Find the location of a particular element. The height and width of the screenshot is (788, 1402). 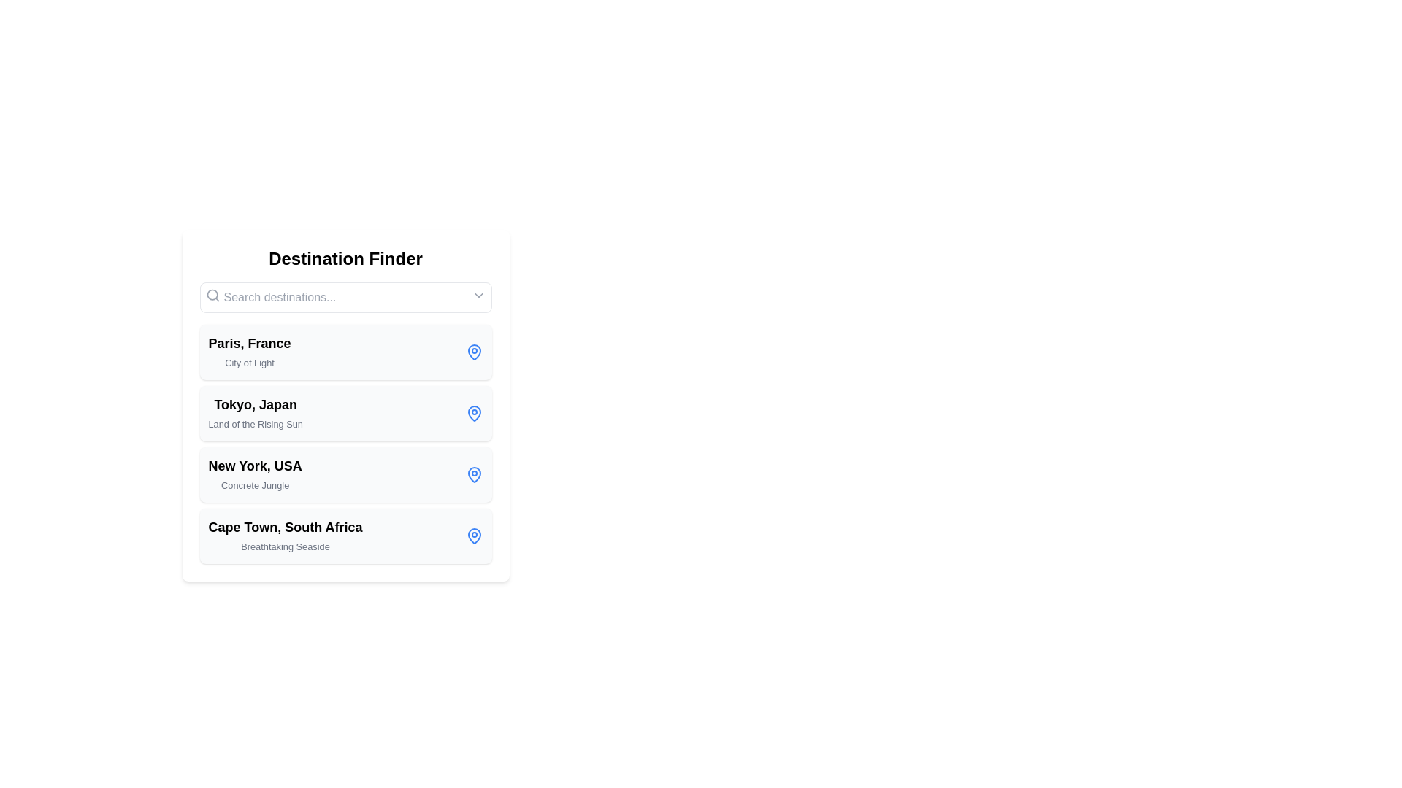

the interactive map pin icon located at the right side of the section describing 'Cape Town, South Africa' is located at coordinates (474, 536).